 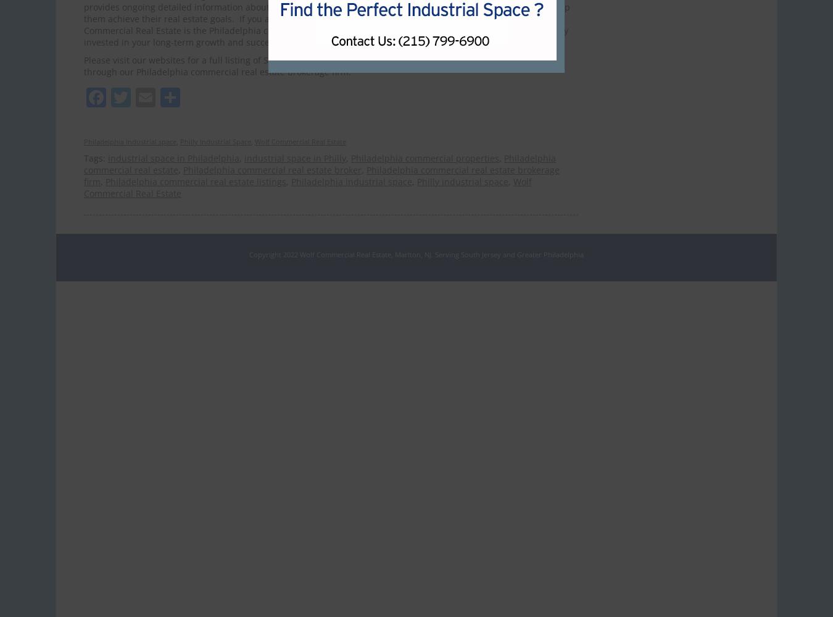 What do you see at coordinates (321, 176) in the screenshot?
I see `'Philadelphia commercial real estate brokerage firm'` at bounding box center [321, 176].